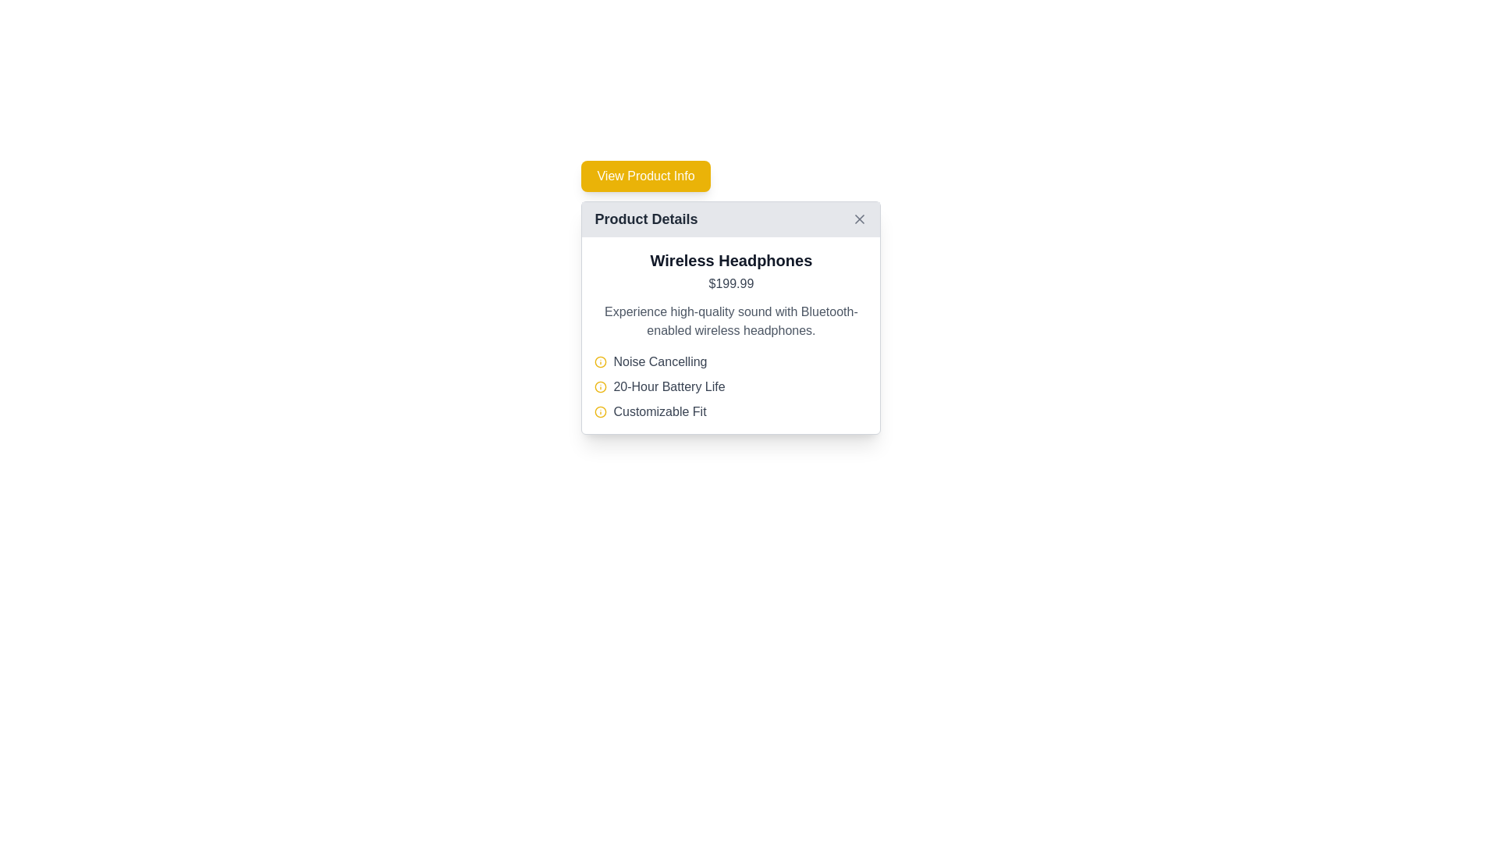  Describe the element at coordinates (859, 219) in the screenshot. I see `the close icon represented by an 'X' shape in the top-right corner of the 'Product Details' header bar` at that location.